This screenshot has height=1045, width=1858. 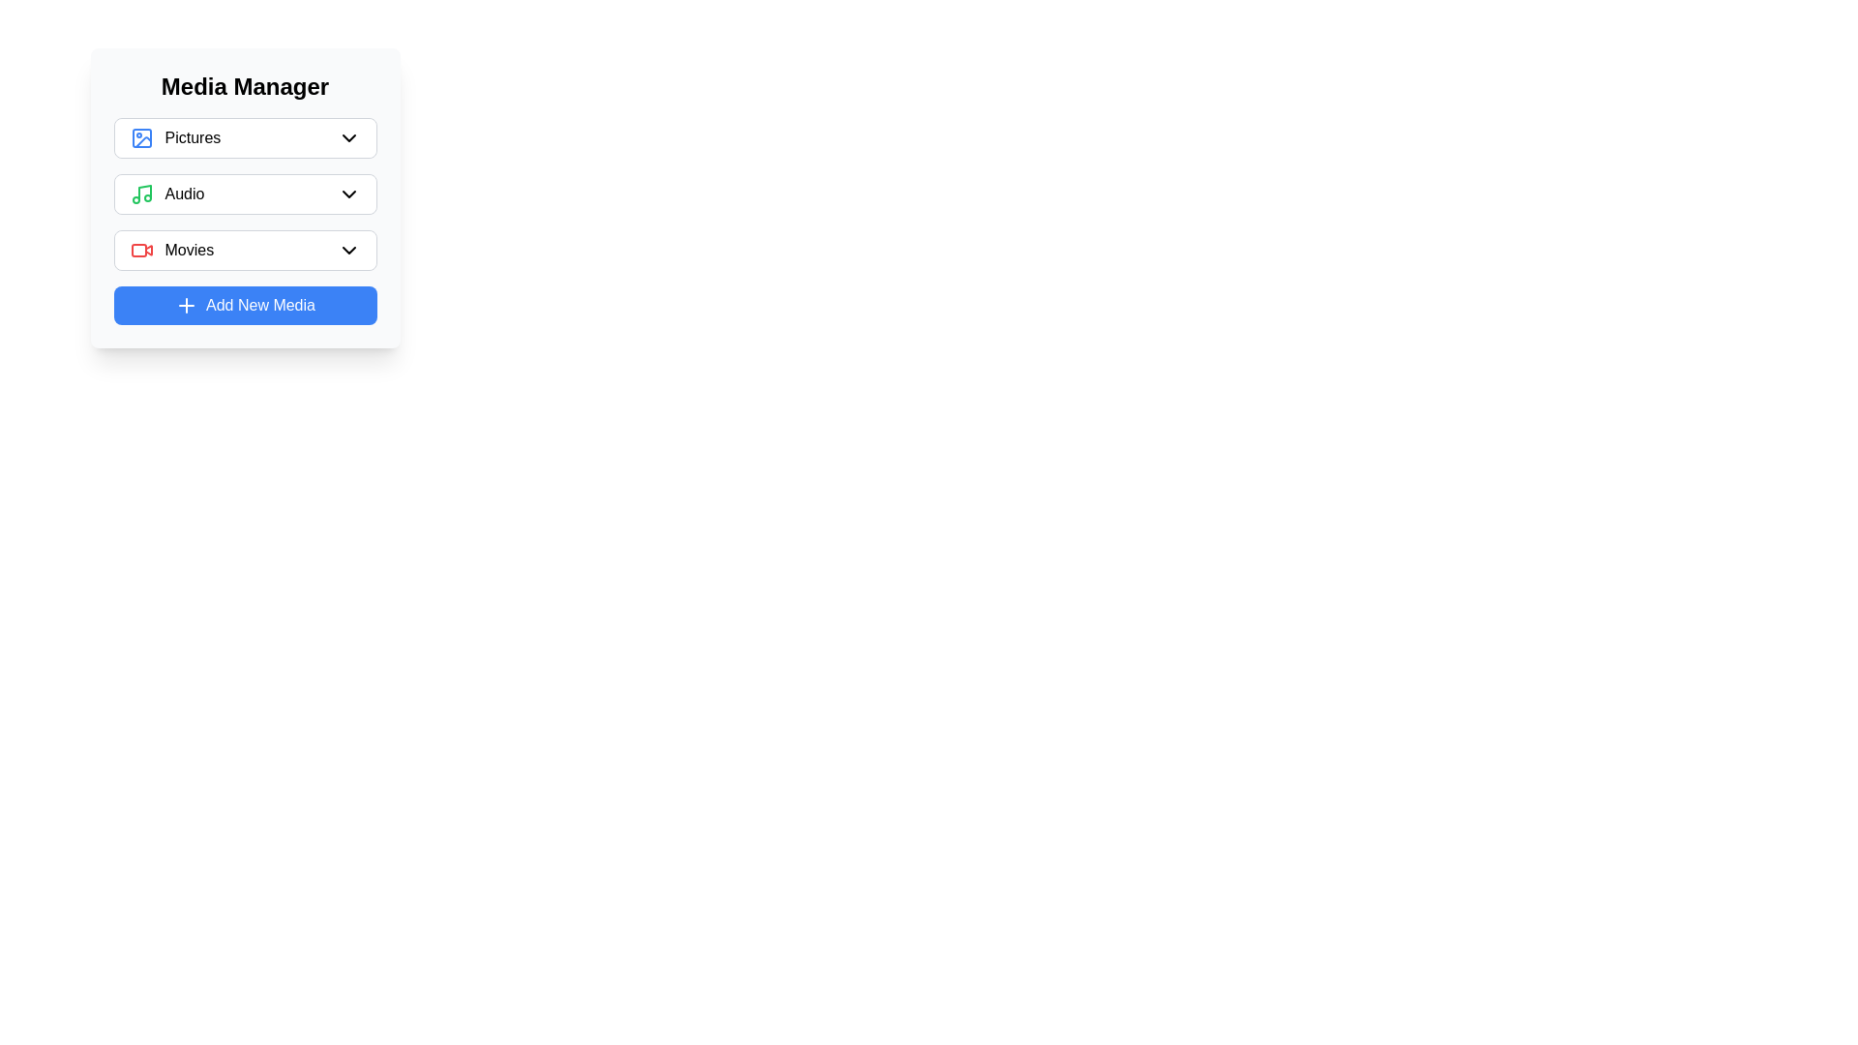 What do you see at coordinates (348, 136) in the screenshot?
I see `the downward-pointing chevron button with a black outline` at bounding box center [348, 136].